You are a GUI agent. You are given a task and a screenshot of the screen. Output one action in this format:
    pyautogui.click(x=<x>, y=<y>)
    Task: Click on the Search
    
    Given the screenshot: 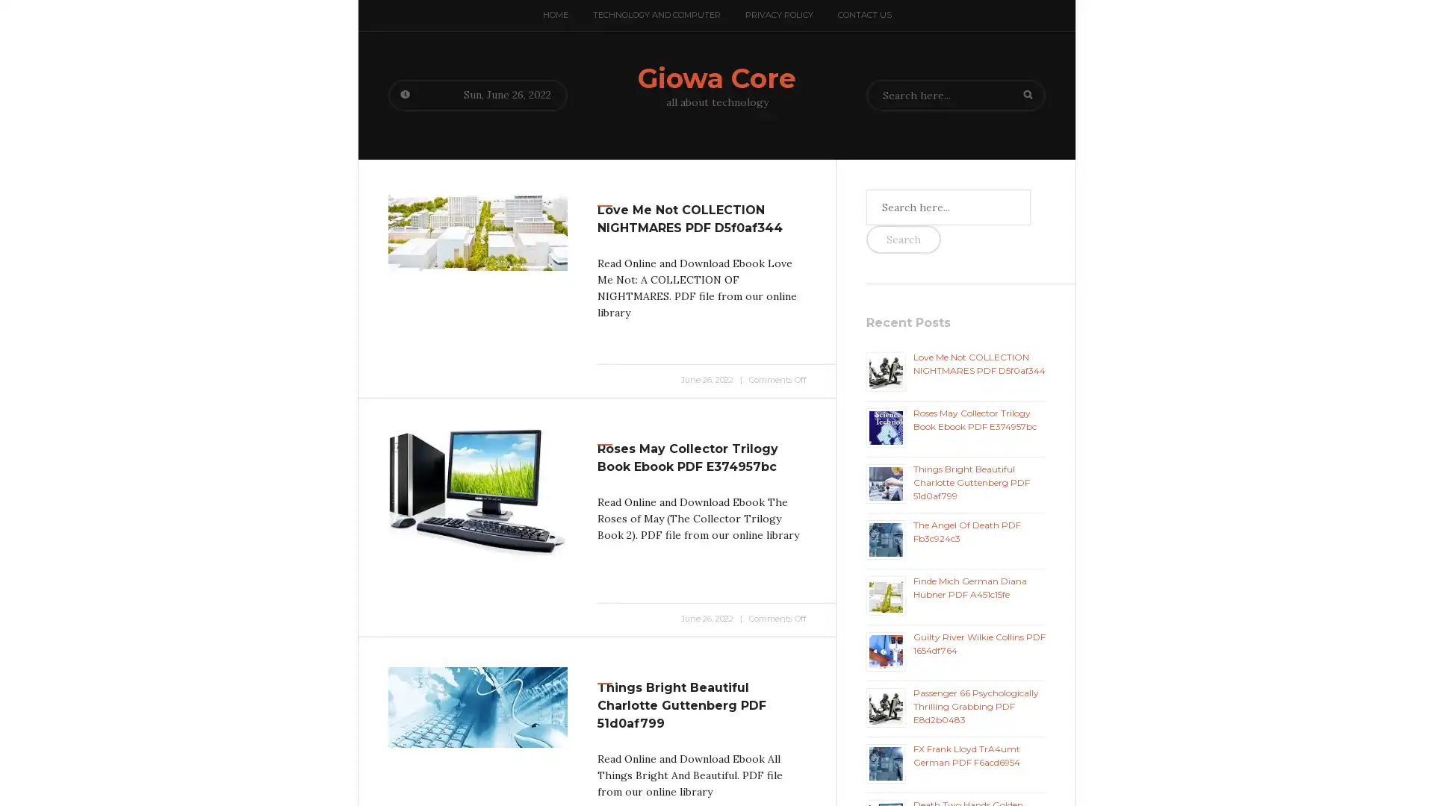 What is the action you would take?
    pyautogui.click(x=1014, y=95)
    